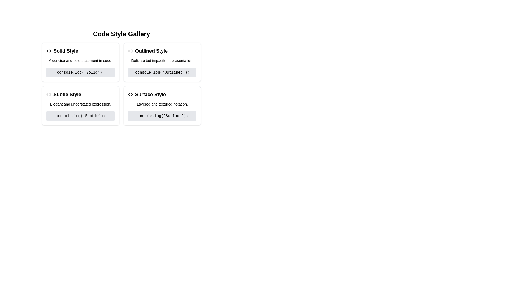  I want to click on the Informational Card labeled 'Outlined Style' located in the upper-right quadrant of a 2x2 grid layout, so click(162, 62).